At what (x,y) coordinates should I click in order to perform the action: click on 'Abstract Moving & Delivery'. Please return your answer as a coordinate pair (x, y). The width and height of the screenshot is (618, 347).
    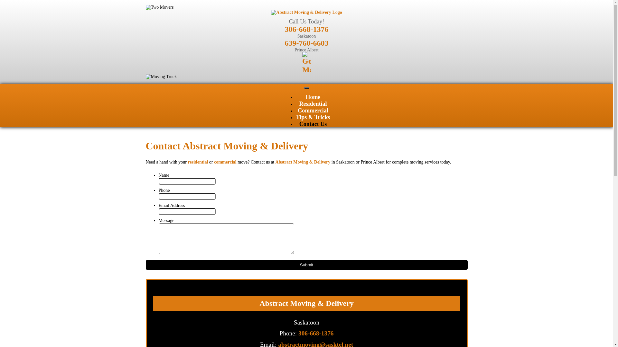
    Looking at the image, I should click on (303, 162).